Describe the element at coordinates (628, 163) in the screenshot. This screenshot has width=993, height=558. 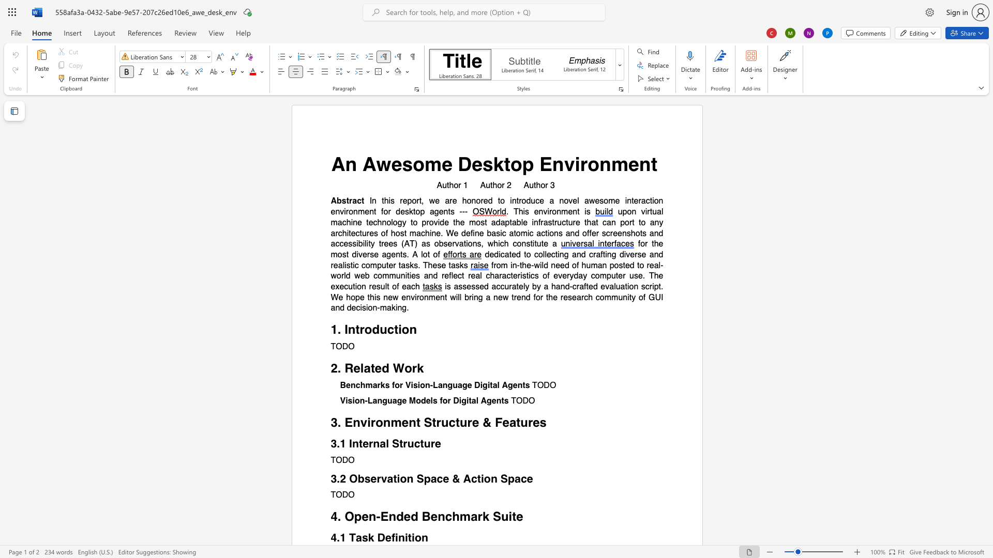
I see `the subset text "en" within the text "An Awesome Desktop Environment"` at that location.